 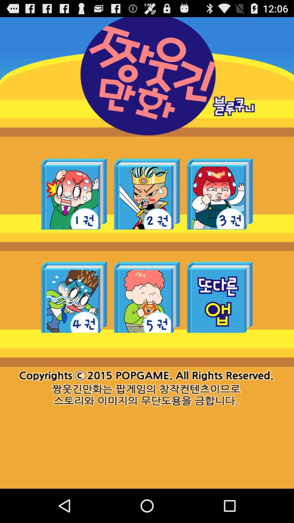 I want to click on track, so click(x=147, y=297).